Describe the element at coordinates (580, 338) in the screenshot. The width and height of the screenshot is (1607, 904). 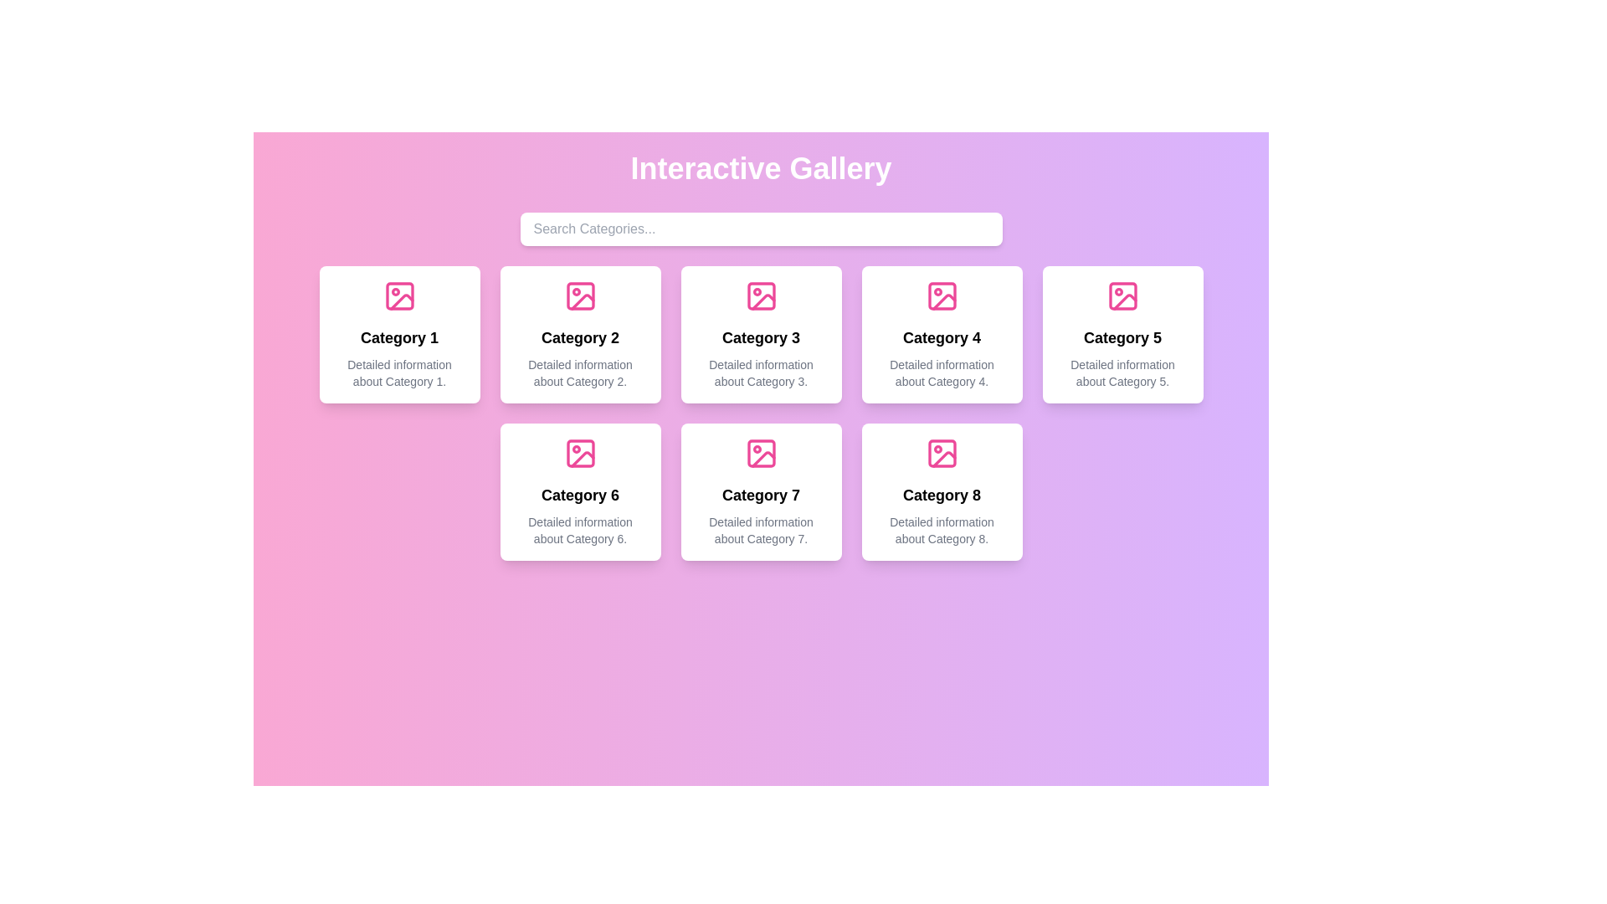
I see `the text label that serves as a title or identifier for the associated category box, located in the second row's middle of a grid layout beneath the pink icon` at that location.